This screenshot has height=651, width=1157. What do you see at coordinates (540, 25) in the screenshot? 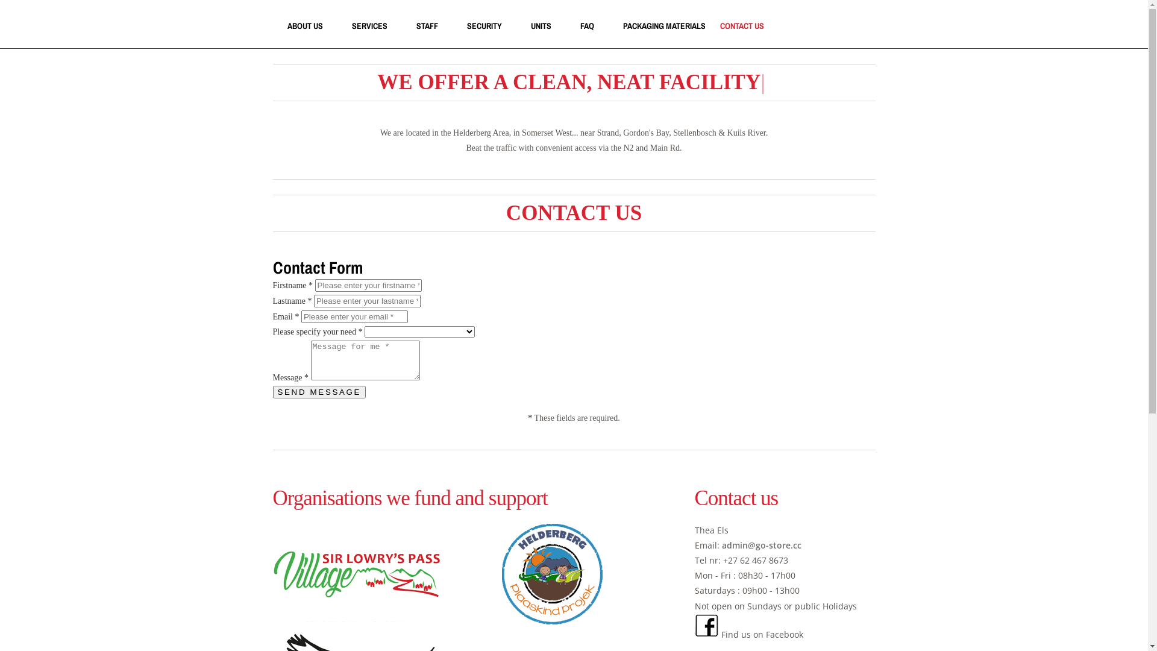
I see `'UNITS'` at bounding box center [540, 25].